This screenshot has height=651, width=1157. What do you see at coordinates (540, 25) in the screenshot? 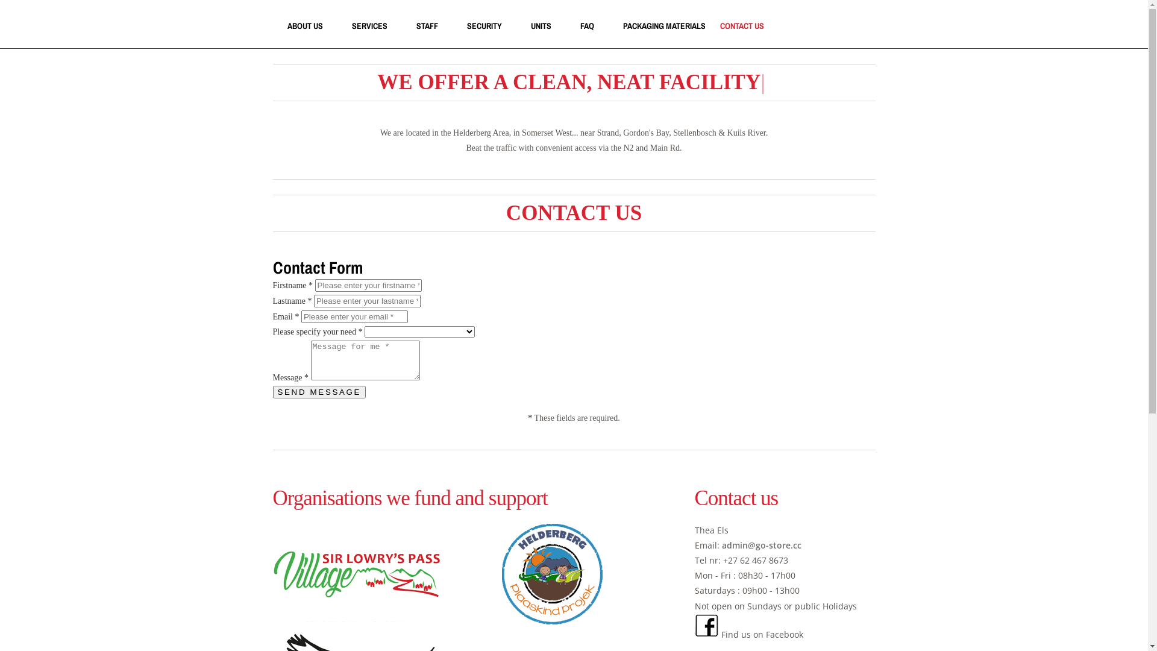
I see `'UNITS'` at bounding box center [540, 25].